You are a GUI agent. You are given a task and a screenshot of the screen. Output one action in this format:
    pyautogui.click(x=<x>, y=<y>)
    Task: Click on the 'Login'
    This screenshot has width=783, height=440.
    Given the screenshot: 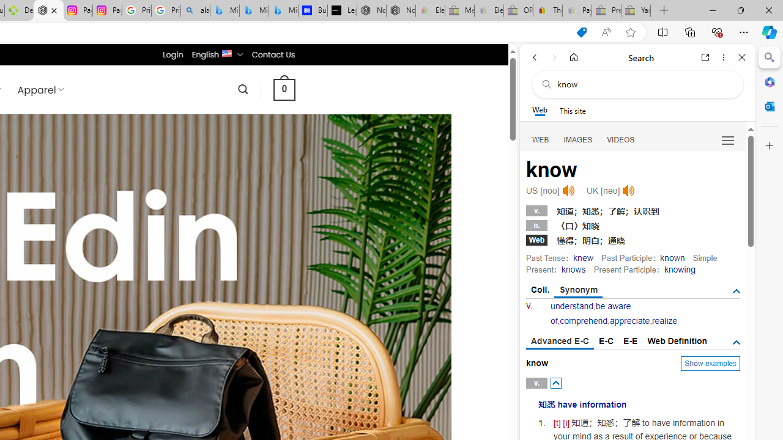 What is the action you would take?
    pyautogui.click(x=172, y=54)
    